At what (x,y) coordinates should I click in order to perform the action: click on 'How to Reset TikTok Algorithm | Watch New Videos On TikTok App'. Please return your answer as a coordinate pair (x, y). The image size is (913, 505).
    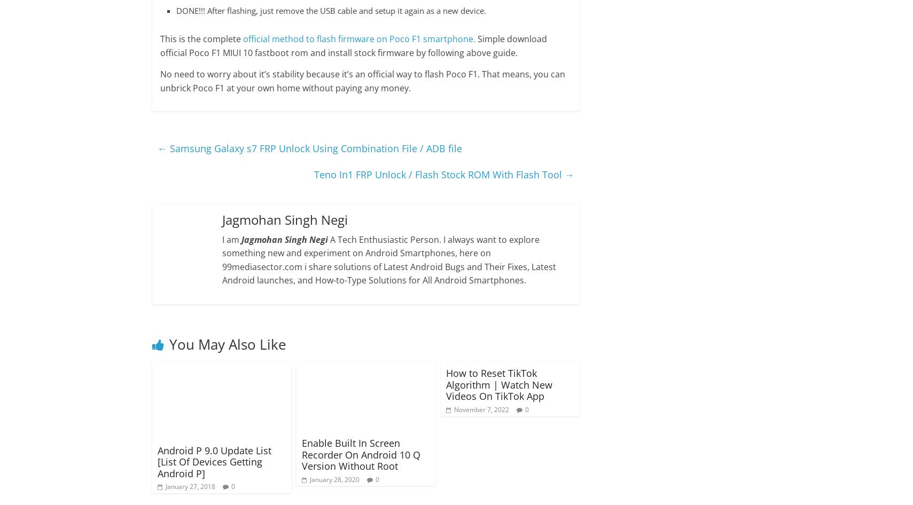
    Looking at the image, I should click on (498, 384).